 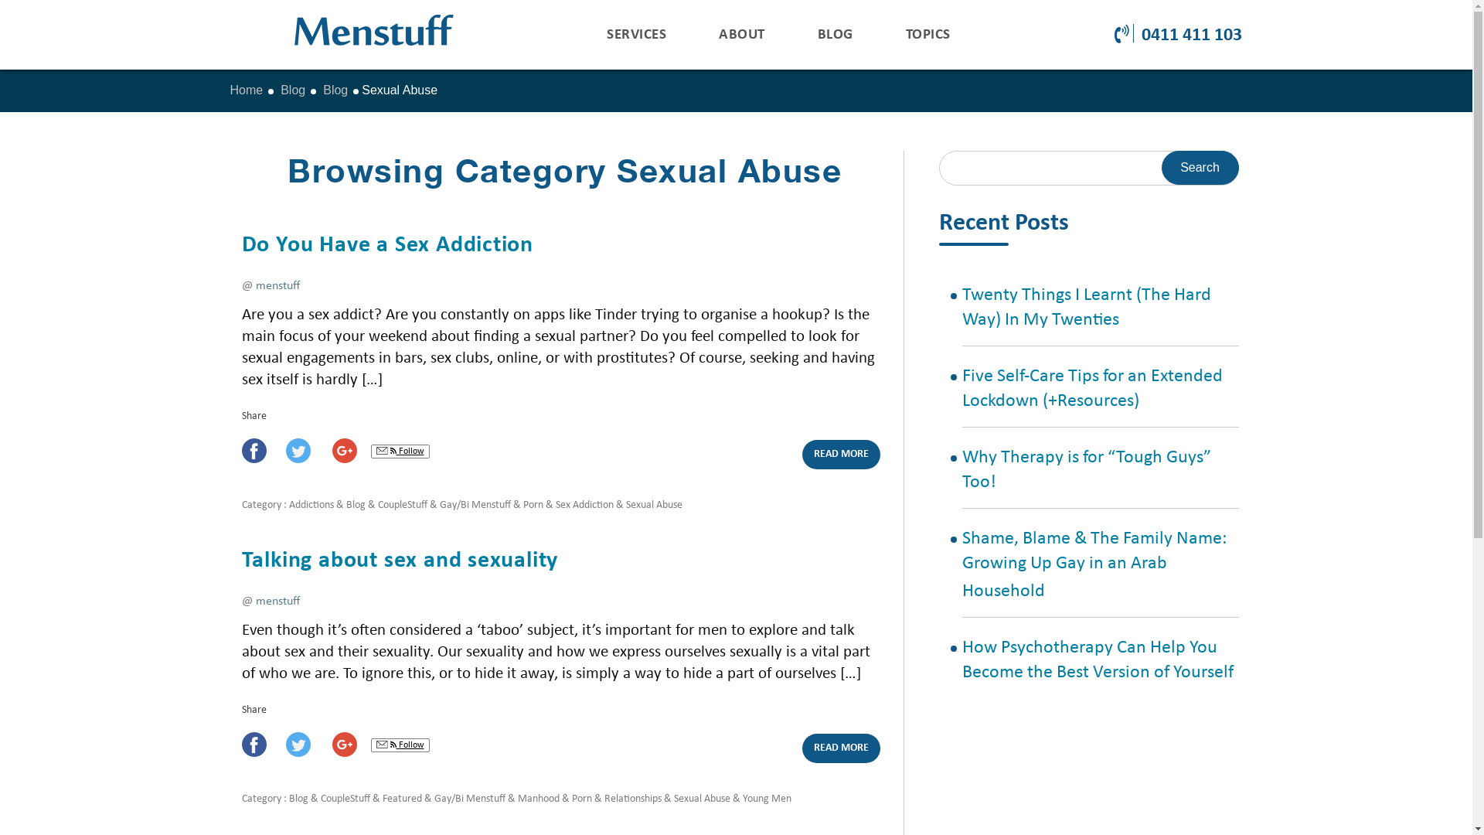 What do you see at coordinates (294, 90) in the screenshot?
I see `'Blog'` at bounding box center [294, 90].